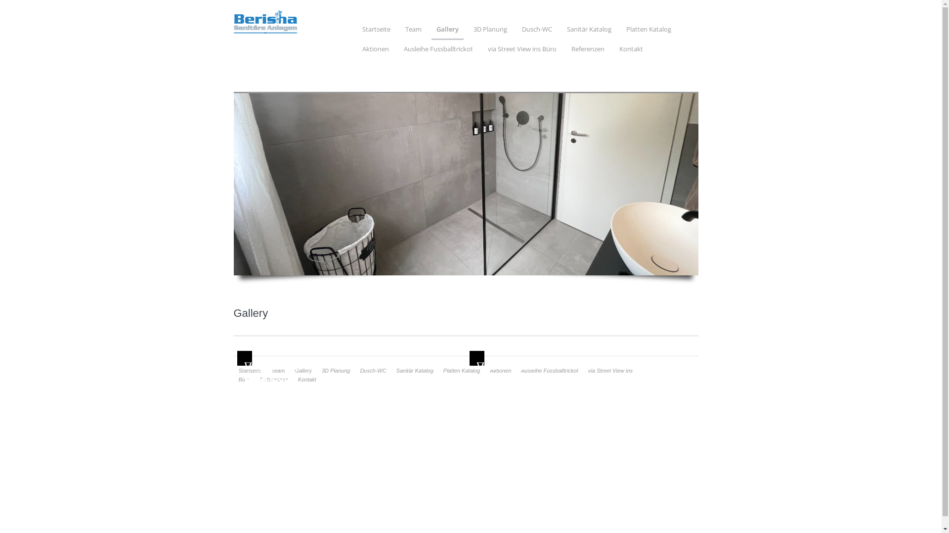 The width and height of the screenshot is (949, 533). I want to click on '3D Planung', so click(490, 31).